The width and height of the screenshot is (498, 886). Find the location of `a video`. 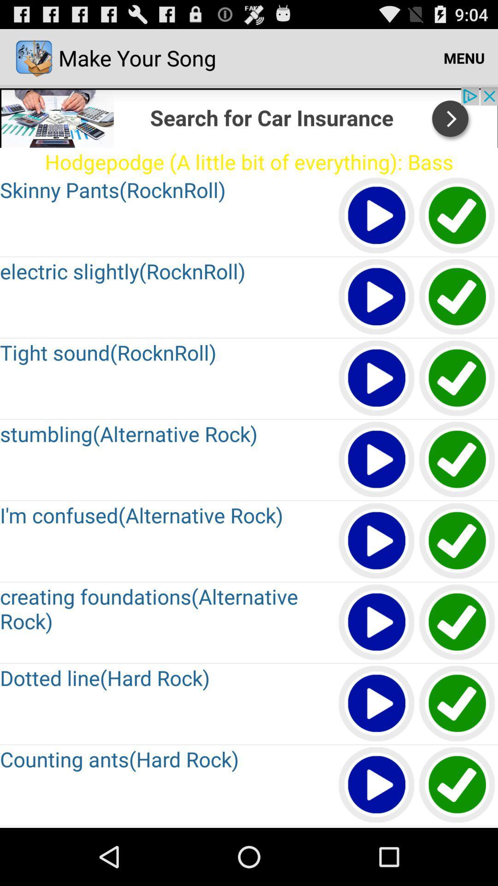

a video is located at coordinates (377, 785).